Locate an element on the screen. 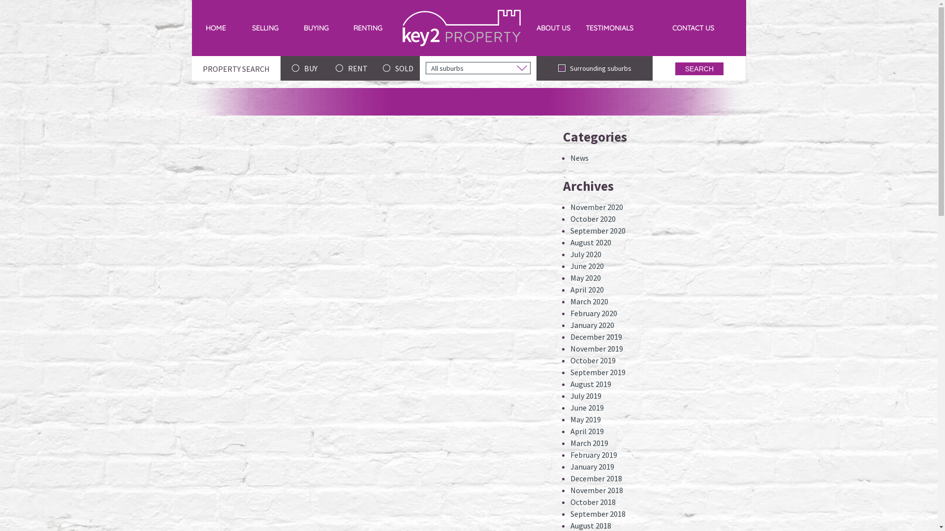 The height and width of the screenshot is (531, 945). 'January 2019' is located at coordinates (592, 466).